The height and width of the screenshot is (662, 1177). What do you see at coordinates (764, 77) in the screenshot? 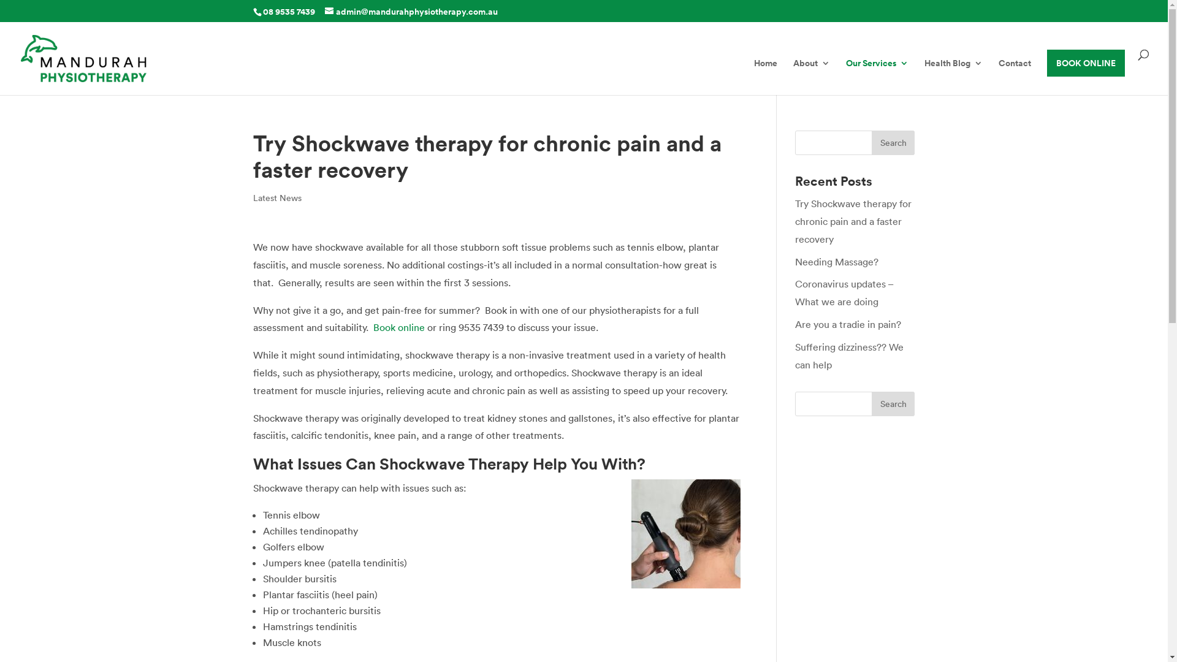
I see `'Home'` at bounding box center [764, 77].